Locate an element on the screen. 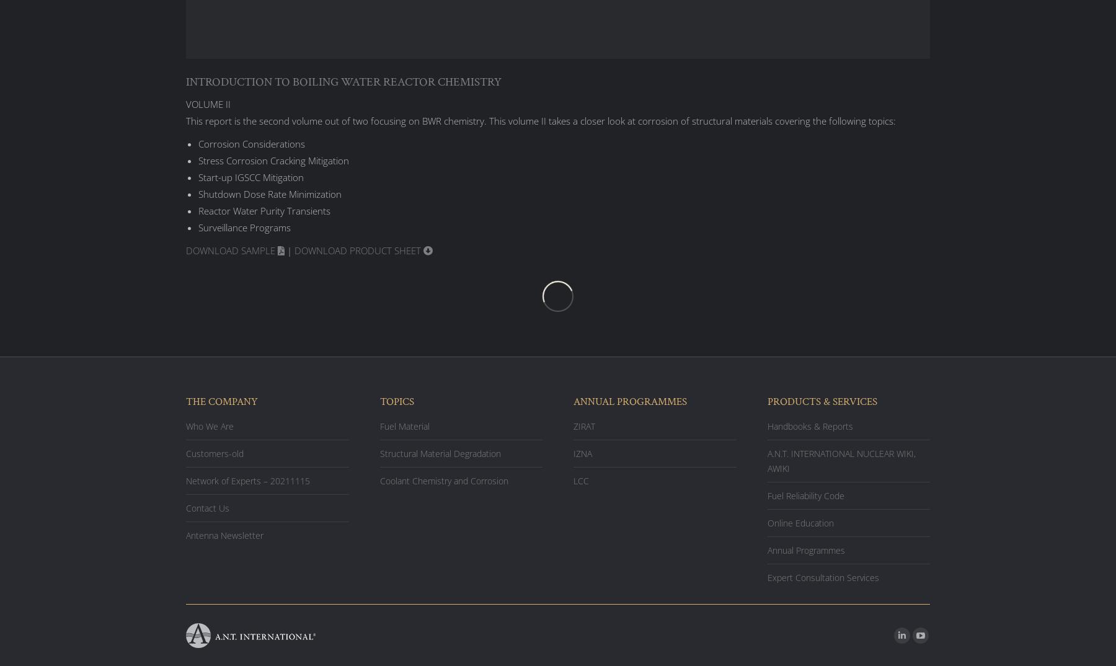  'Coolant Chemistry and Corrosion' is located at coordinates (443, 479).